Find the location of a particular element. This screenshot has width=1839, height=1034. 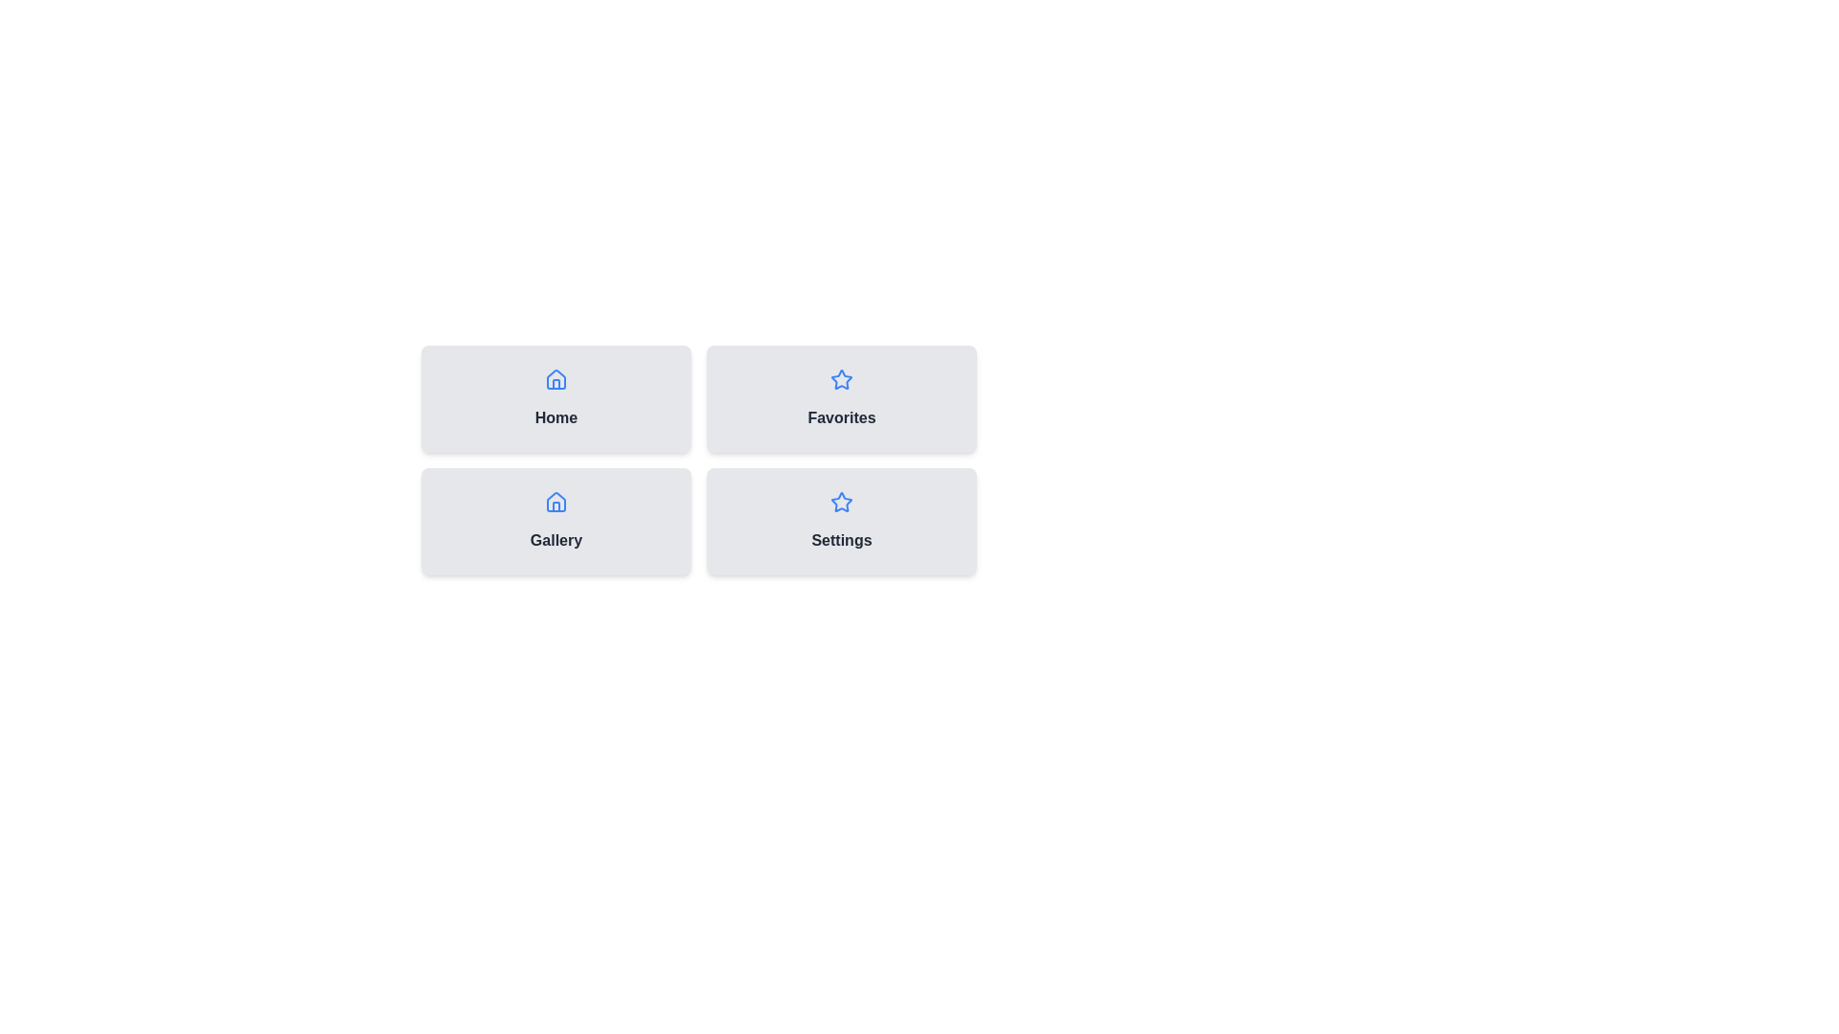

the bottom left button in the grid layout is located at coordinates (555, 521).